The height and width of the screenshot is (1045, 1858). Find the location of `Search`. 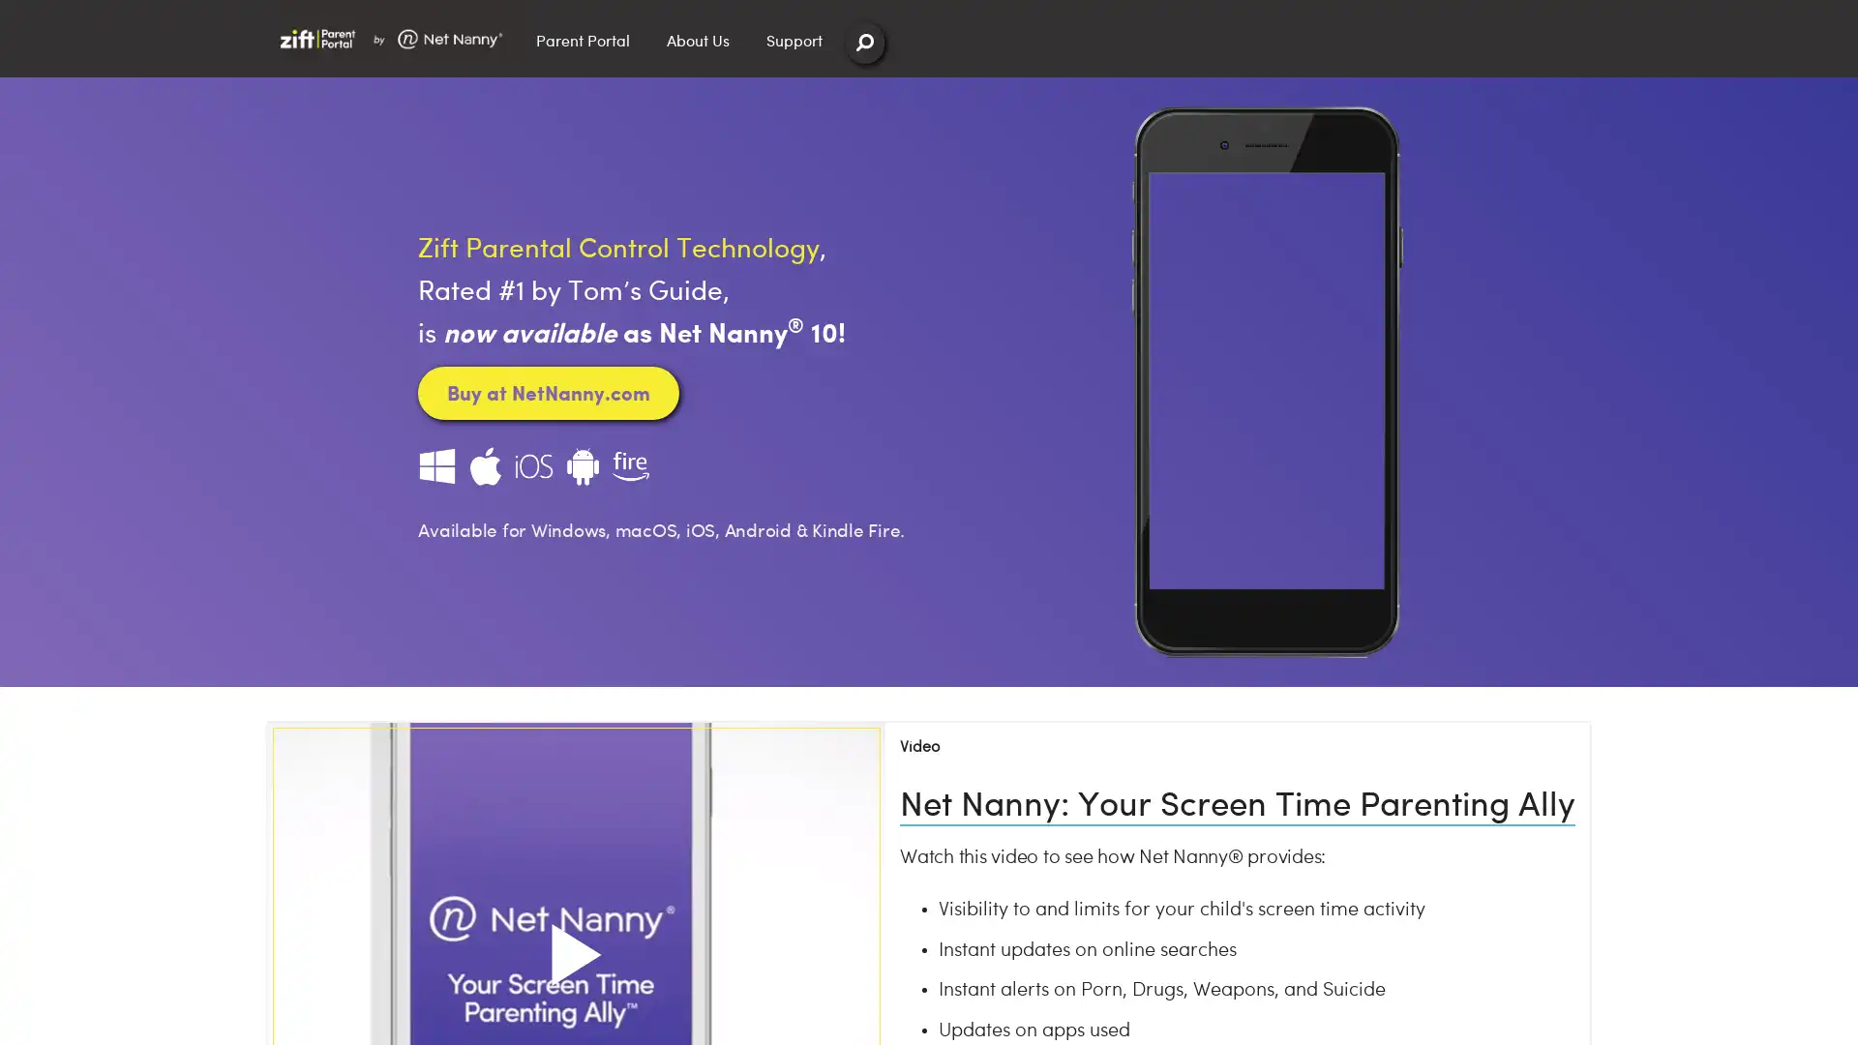

Search is located at coordinates (279, 134).